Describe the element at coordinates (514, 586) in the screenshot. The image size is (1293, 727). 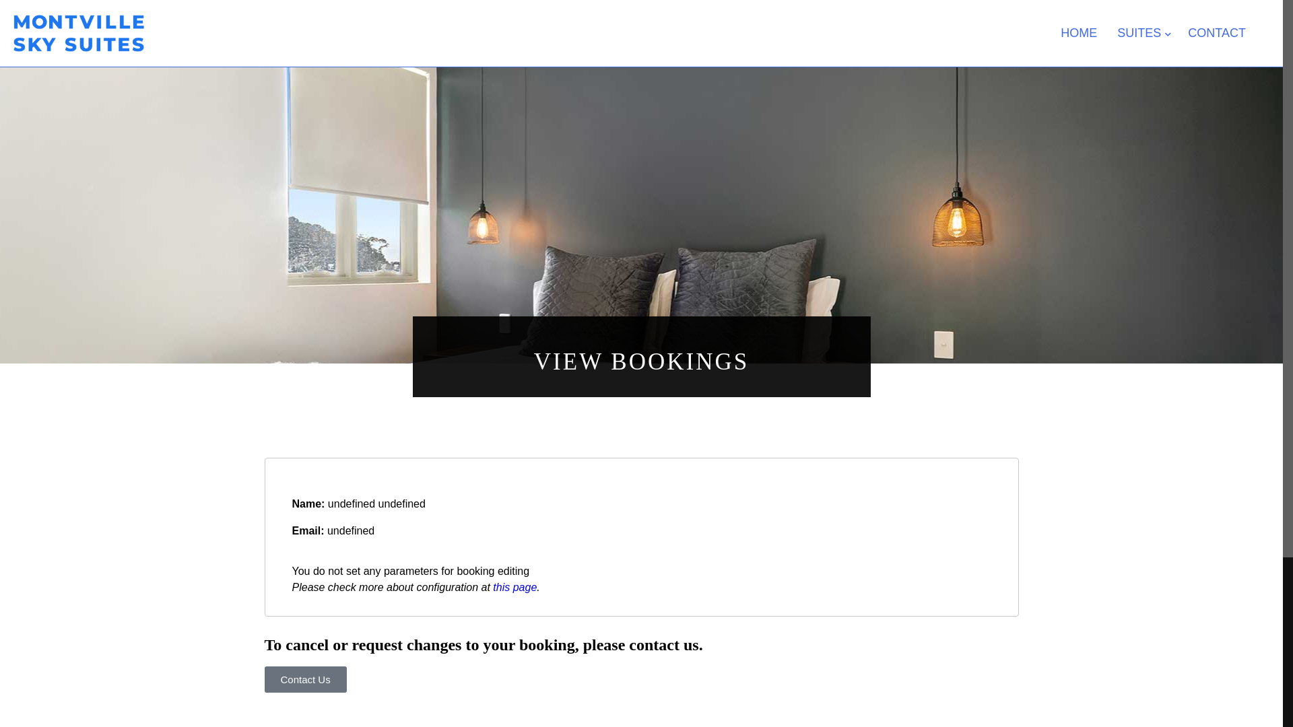
I see `'this page'` at that location.